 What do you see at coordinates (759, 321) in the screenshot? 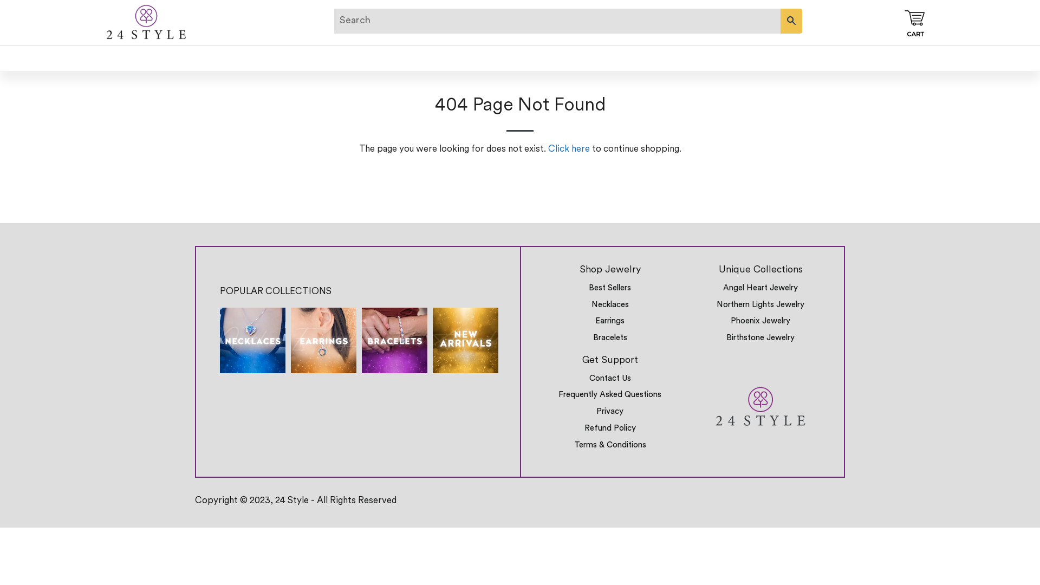
I see `'Phoenix Jewelry'` at bounding box center [759, 321].